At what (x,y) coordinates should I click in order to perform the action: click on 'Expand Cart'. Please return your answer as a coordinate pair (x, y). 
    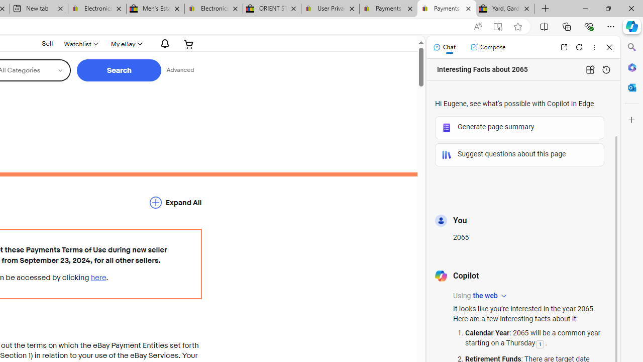
    Looking at the image, I should click on (189, 43).